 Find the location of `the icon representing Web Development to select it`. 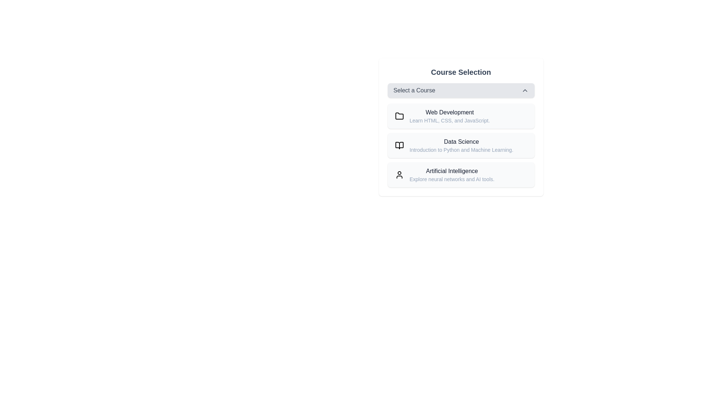

the icon representing Web Development to select it is located at coordinates (399, 115).